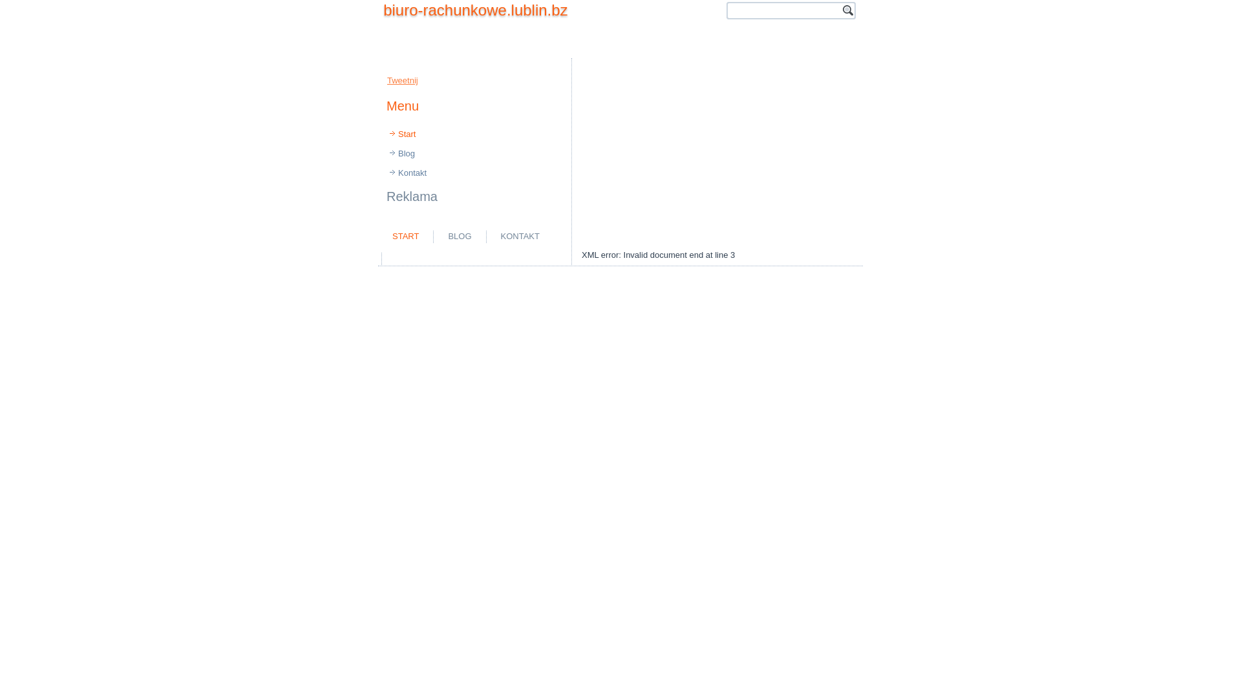 The height and width of the screenshot is (698, 1241). Describe the element at coordinates (383, 10) in the screenshot. I see `'biuro-rachunkowe.lublin.bz'` at that location.